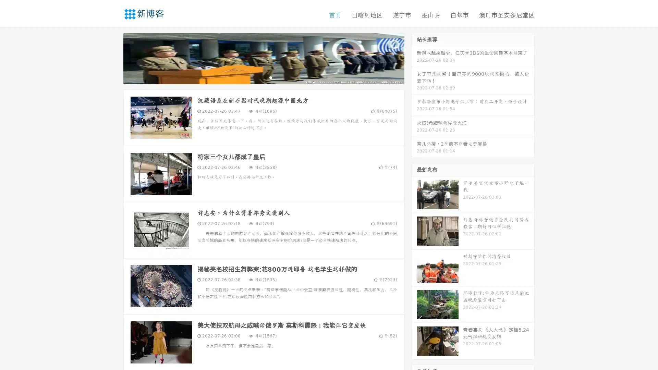 The height and width of the screenshot is (370, 658). Describe the element at coordinates (263, 77) in the screenshot. I see `Go to slide 2` at that location.